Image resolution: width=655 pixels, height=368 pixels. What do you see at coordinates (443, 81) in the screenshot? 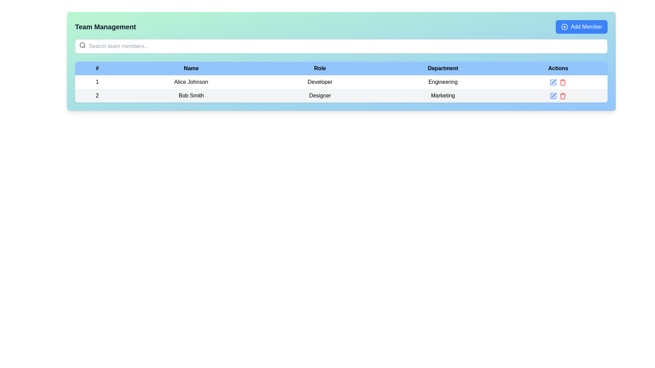
I see `the table cell displaying the text 'Engineering' in black, center-aligned, located in the first row under the 'Department' column` at bounding box center [443, 81].